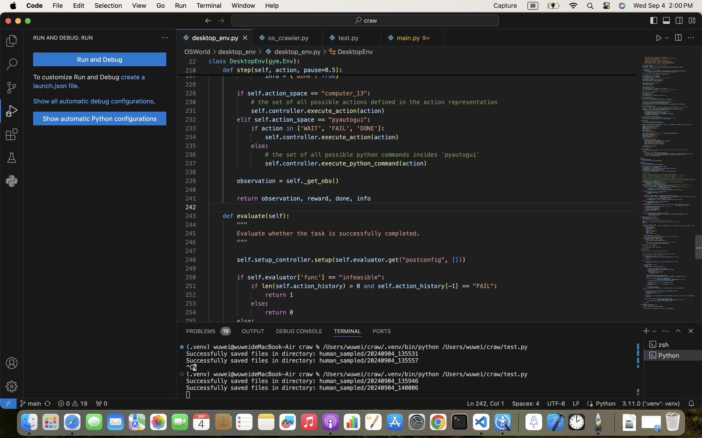  Describe the element at coordinates (679, 20) in the screenshot. I see `''` at that location.